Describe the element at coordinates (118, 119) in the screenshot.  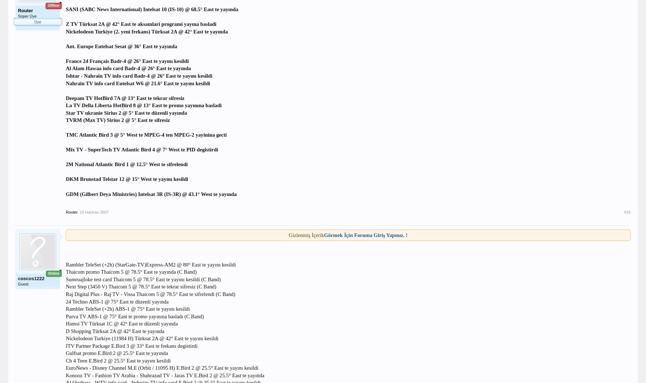
I see `'TVRM (Max TV) Sirius 2 @ 5° East te sifresiz'` at that location.